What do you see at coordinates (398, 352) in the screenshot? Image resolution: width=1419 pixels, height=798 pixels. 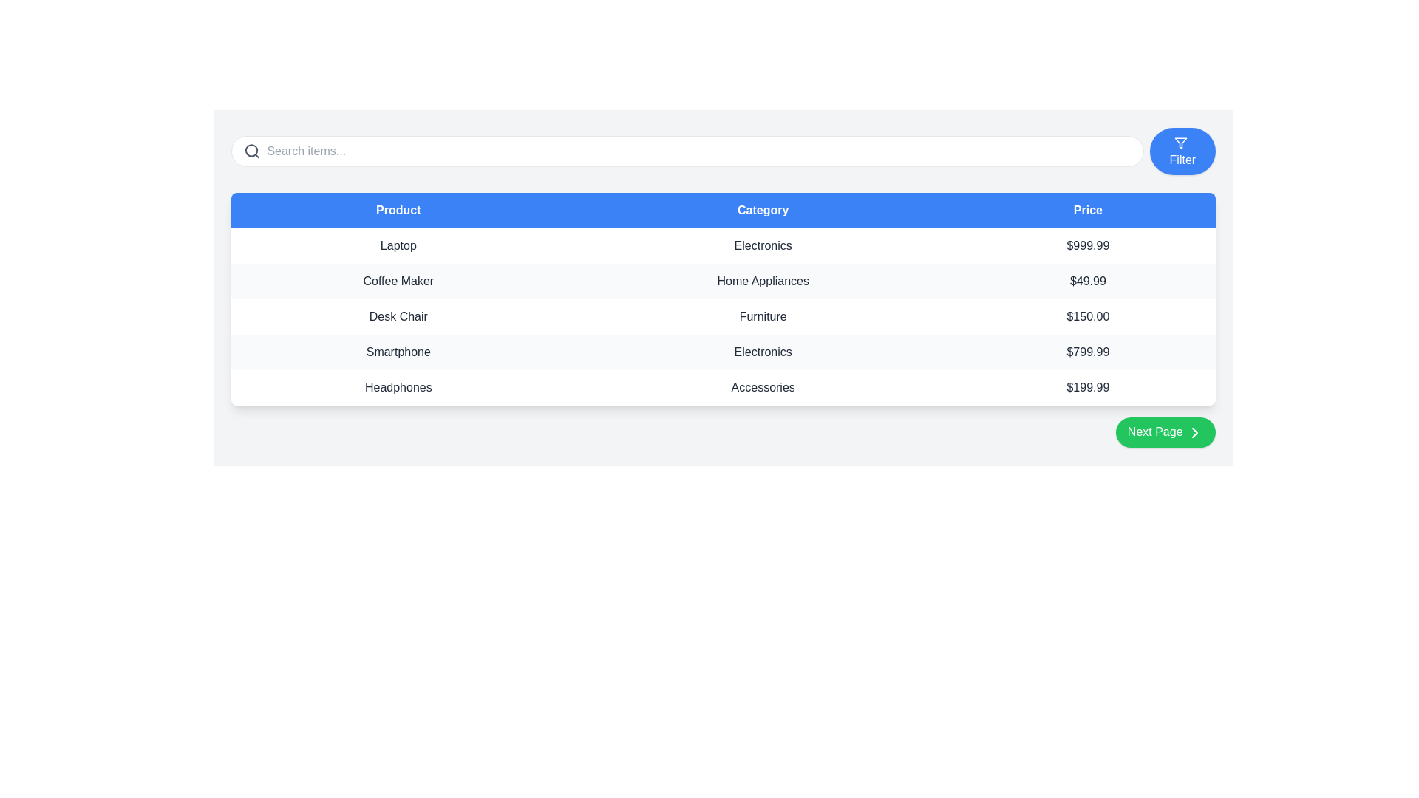 I see `the static text label element displaying 'Smartphone', which is located in the third row under the 'Product' column of the table` at bounding box center [398, 352].